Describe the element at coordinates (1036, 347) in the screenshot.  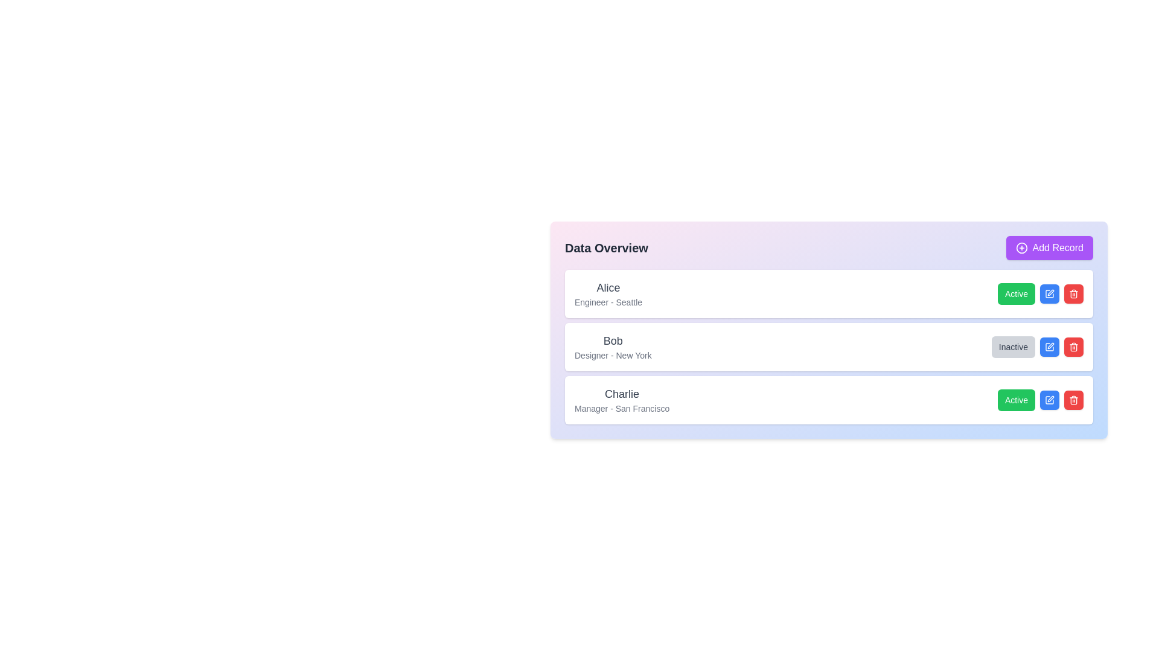
I see `the rectangular gray button labeled 'Inactive' located to the right of the user 'Bob' and below 'Designer - New York' to interact with it` at that location.